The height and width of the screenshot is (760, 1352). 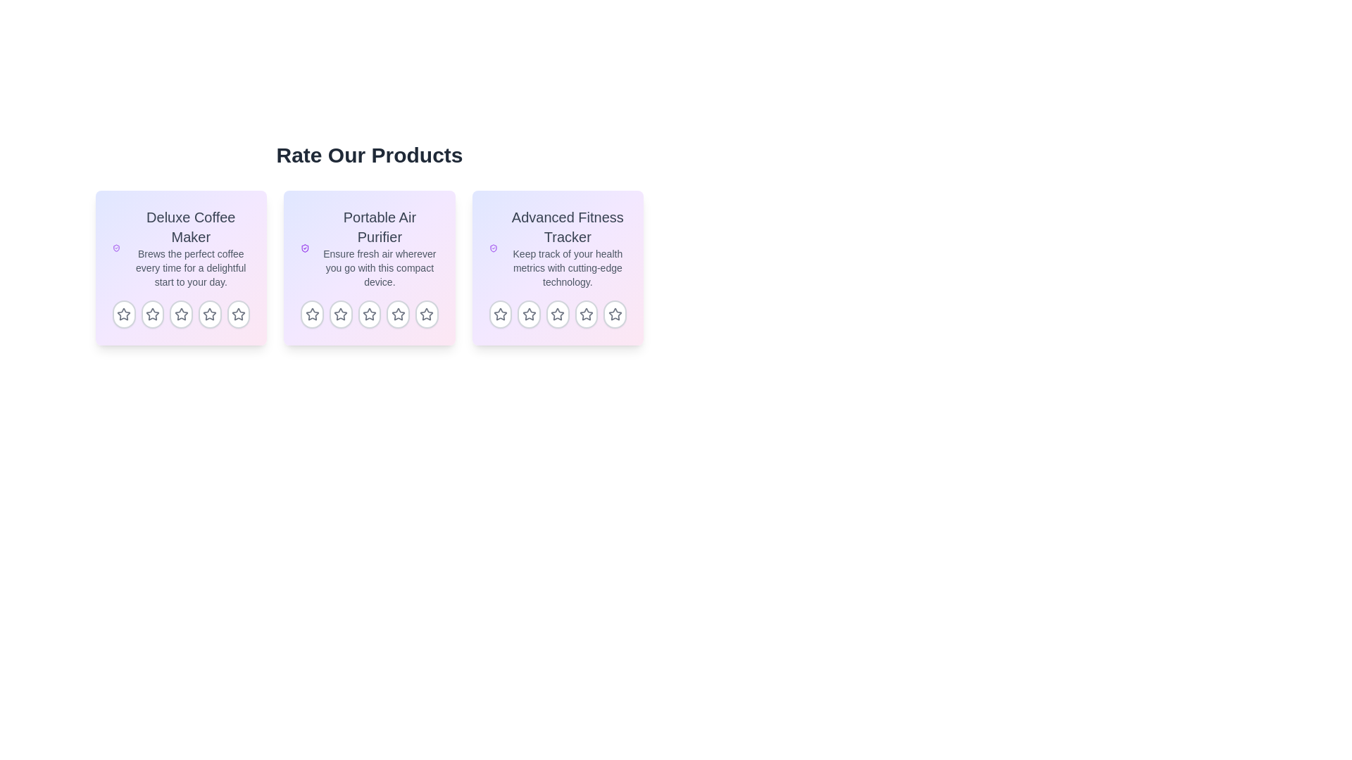 I want to click on the fifth star button with a white background and gray border, so click(x=615, y=314).